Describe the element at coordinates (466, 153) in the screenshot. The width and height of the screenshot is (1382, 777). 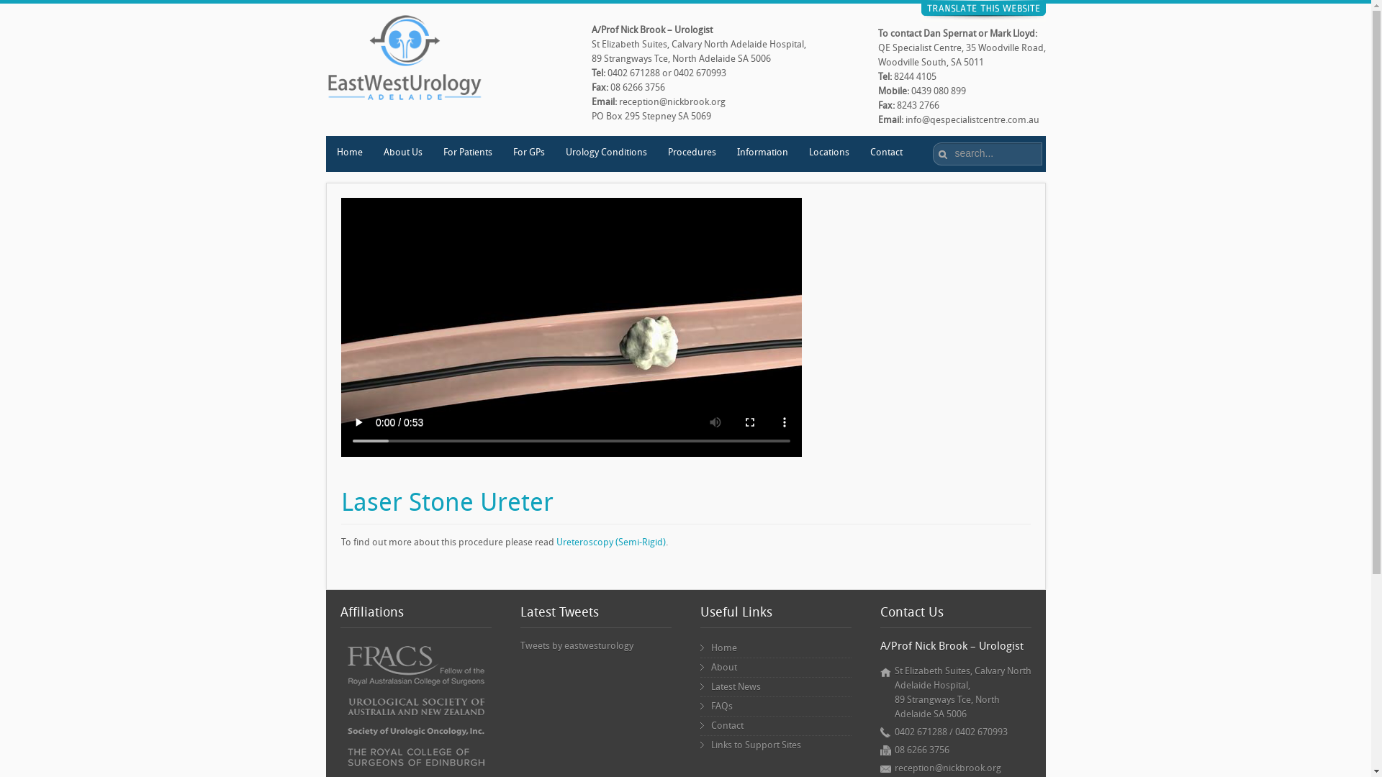
I see `'For Patients'` at that location.